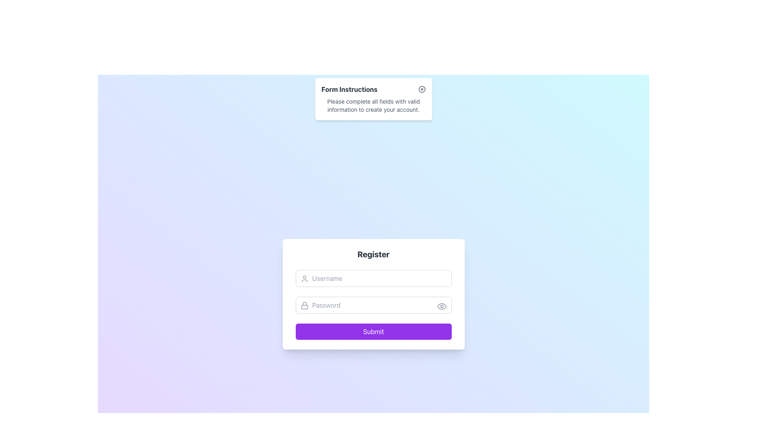 The width and height of the screenshot is (780, 439). Describe the element at coordinates (304, 306) in the screenshot. I see `the security icon located at the top left of the password input box in the registration form` at that location.